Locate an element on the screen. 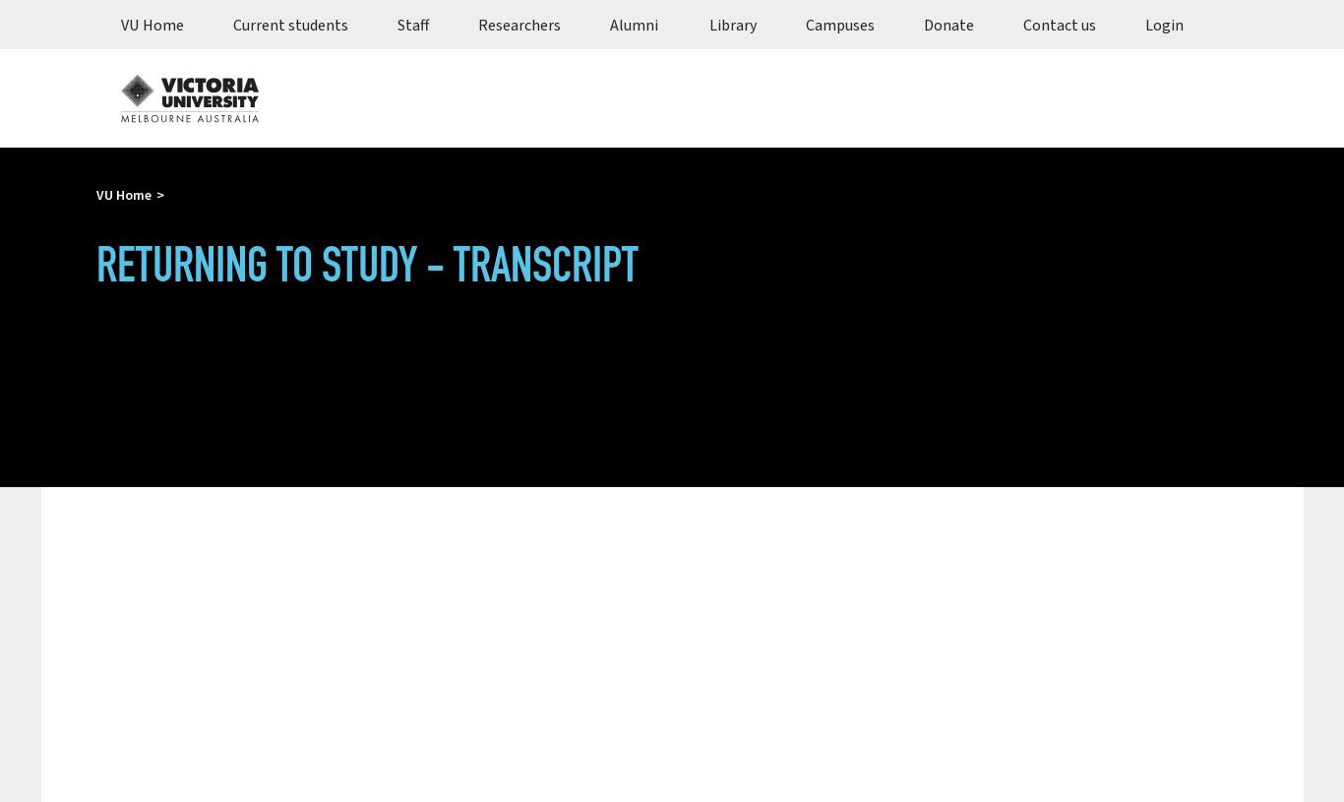  'Donate' is located at coordinates (948, 24).